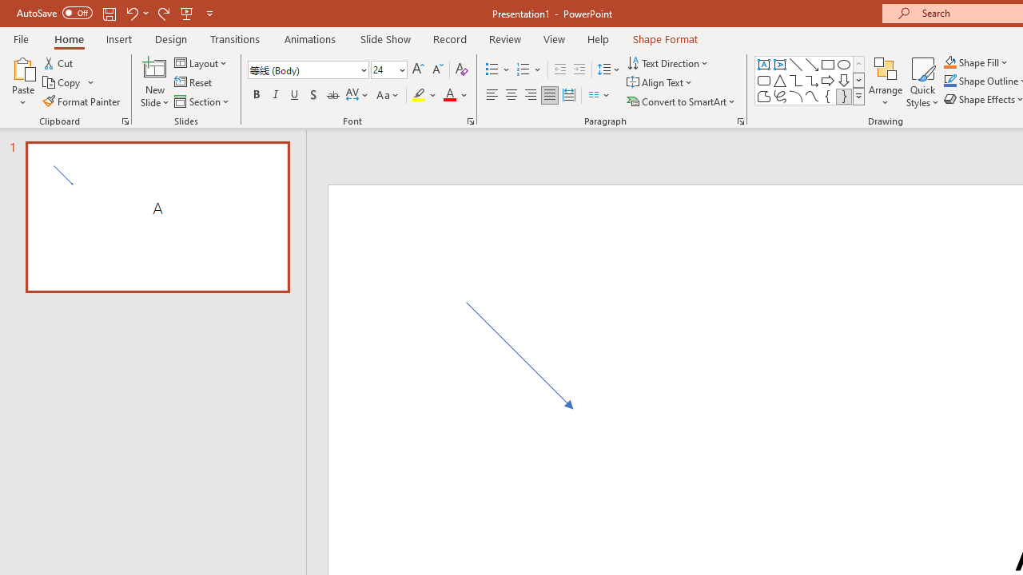  I want to click on 'Increase Font Size', so click(417, 69).